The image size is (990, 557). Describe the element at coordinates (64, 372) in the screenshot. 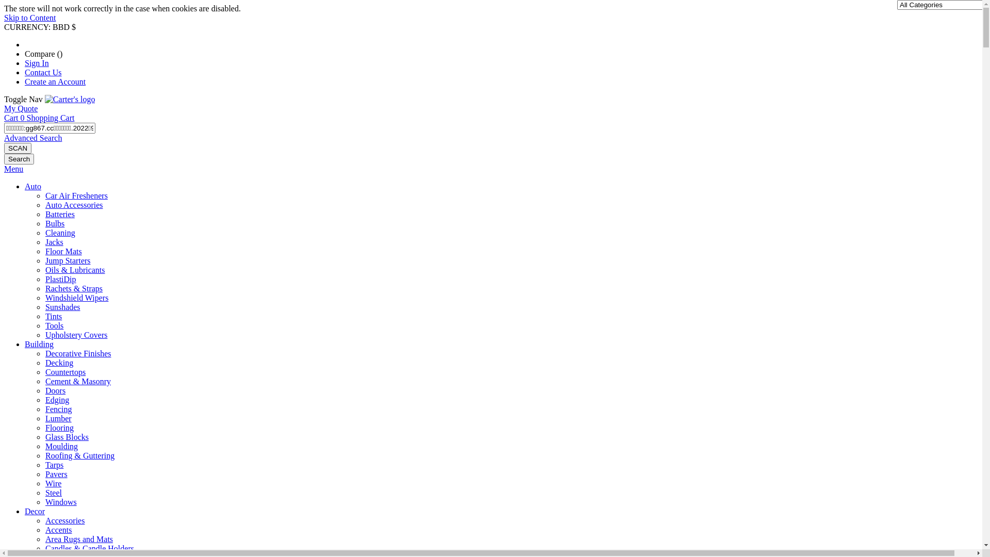

I see `'Countertops'` at that location.